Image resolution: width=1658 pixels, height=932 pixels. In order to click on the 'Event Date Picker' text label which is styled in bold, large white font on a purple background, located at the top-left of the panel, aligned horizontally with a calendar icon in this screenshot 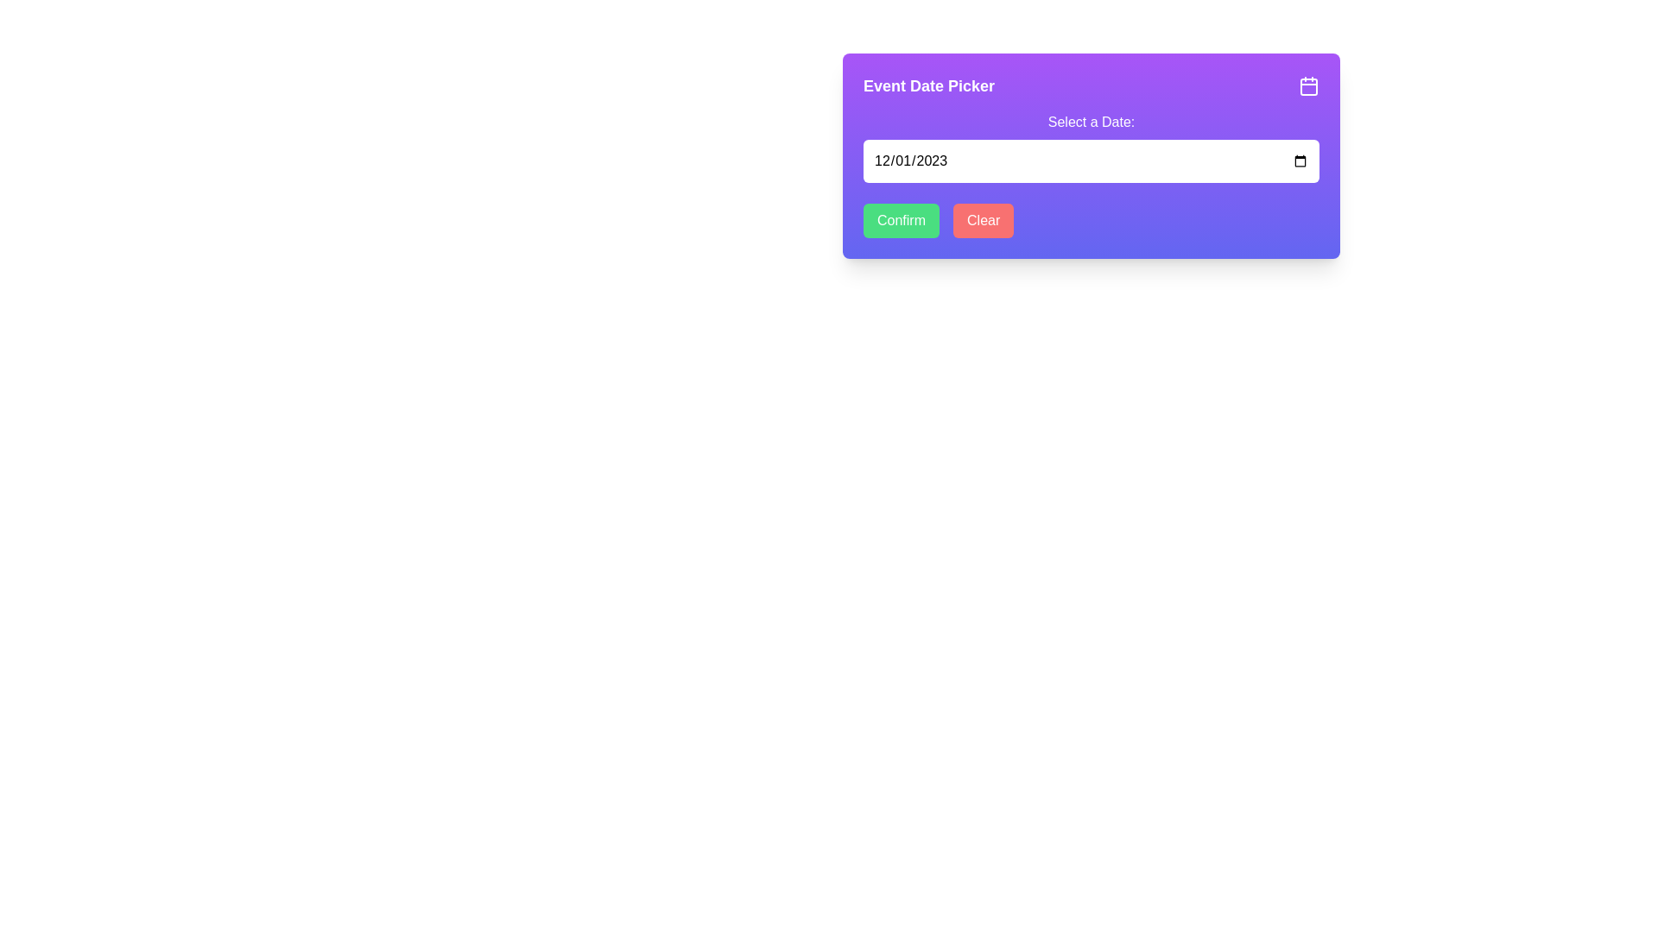, I will do `click(927, 86)`.